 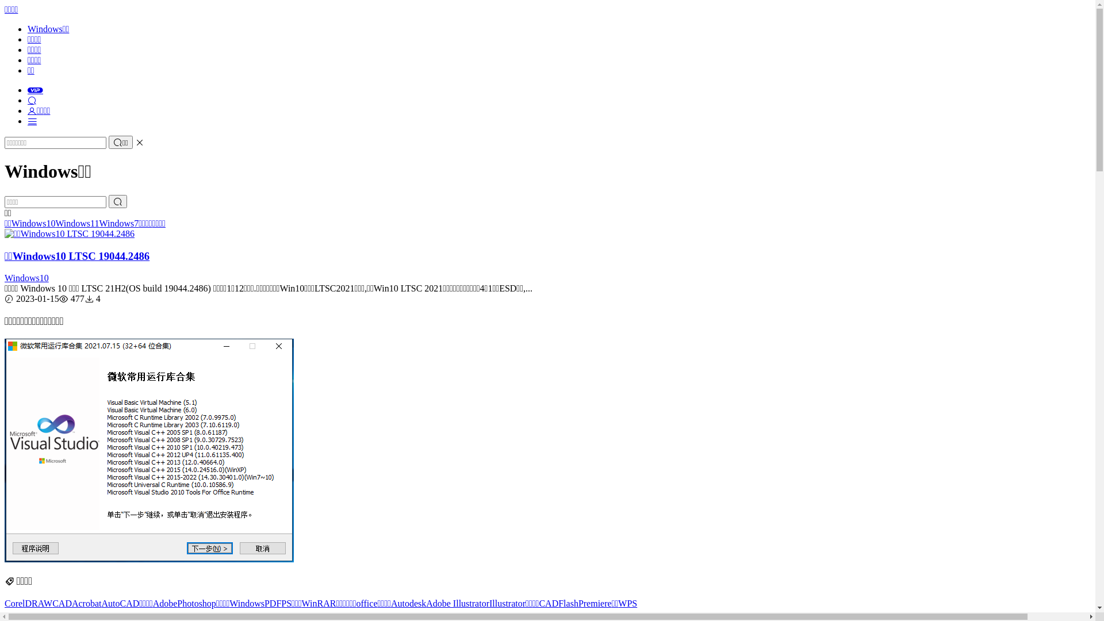 I want to click on 'PDF', so click(x=272, y=603).